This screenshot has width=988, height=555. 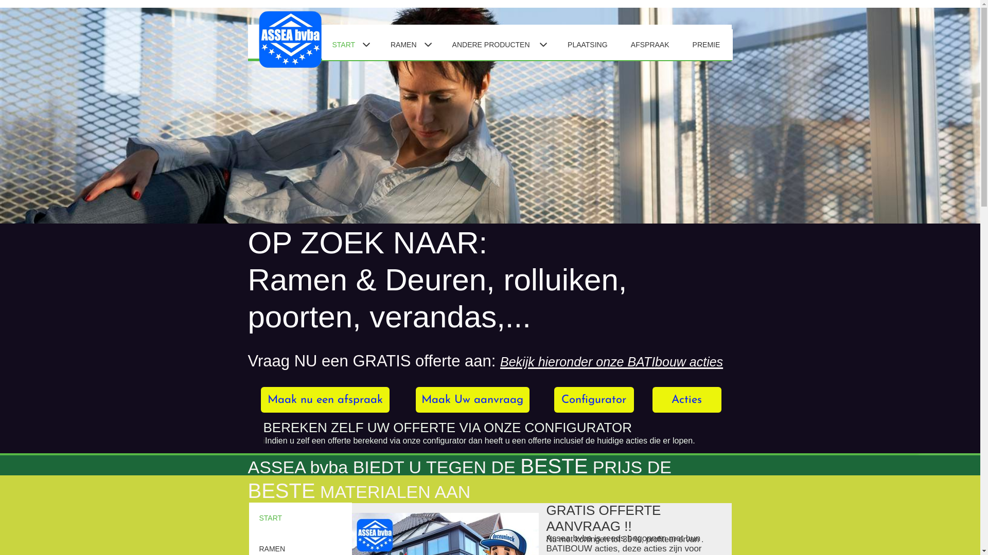 I want to click on 'PLAATSING', so click(x=589, y=43).